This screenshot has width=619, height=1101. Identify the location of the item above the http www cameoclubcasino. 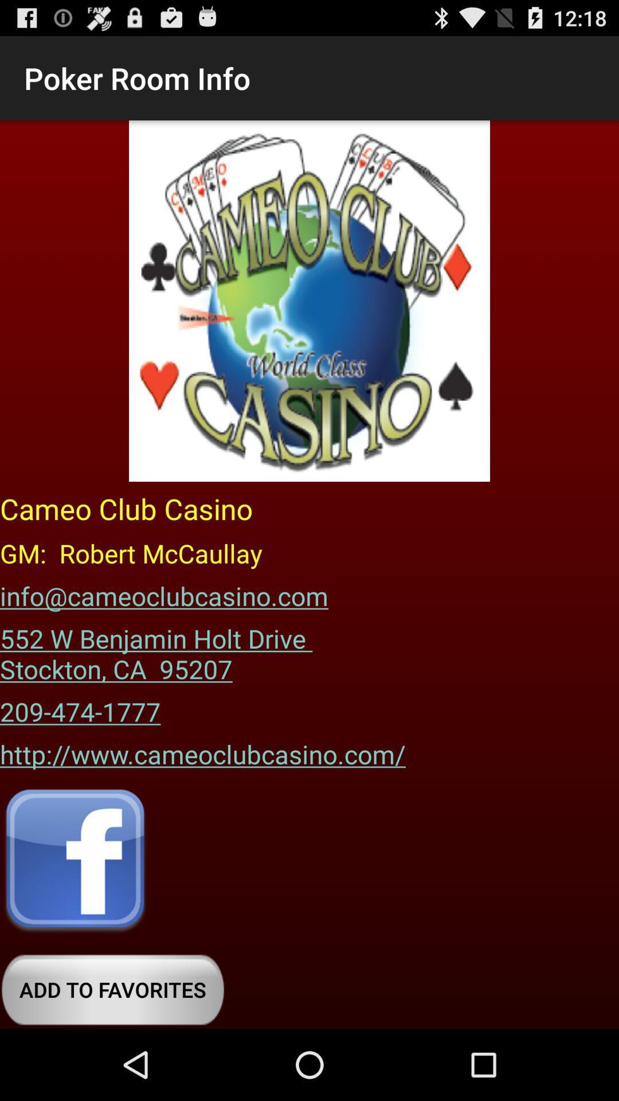
(80, 707).